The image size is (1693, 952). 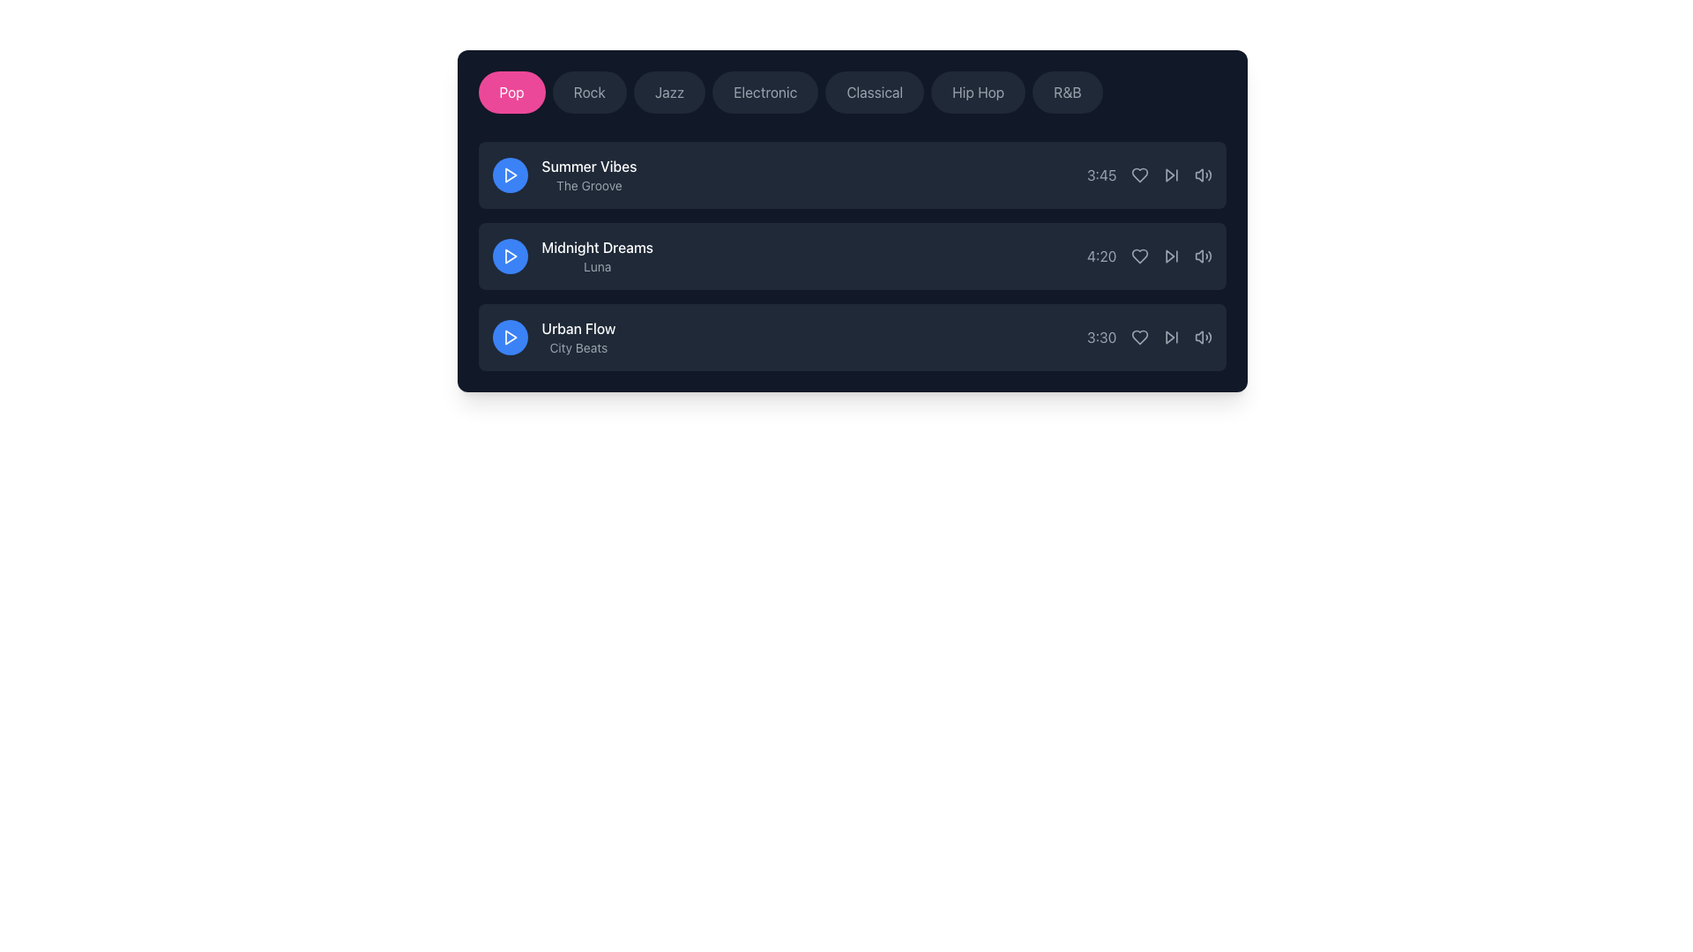 What do you see at coordinates (578, 329) in the screenshot?
I see `the title text label of the track in the music application, which is positioned above the subtitle 'City Beats' and to the left of the play button` at bounding box center [578, 329].